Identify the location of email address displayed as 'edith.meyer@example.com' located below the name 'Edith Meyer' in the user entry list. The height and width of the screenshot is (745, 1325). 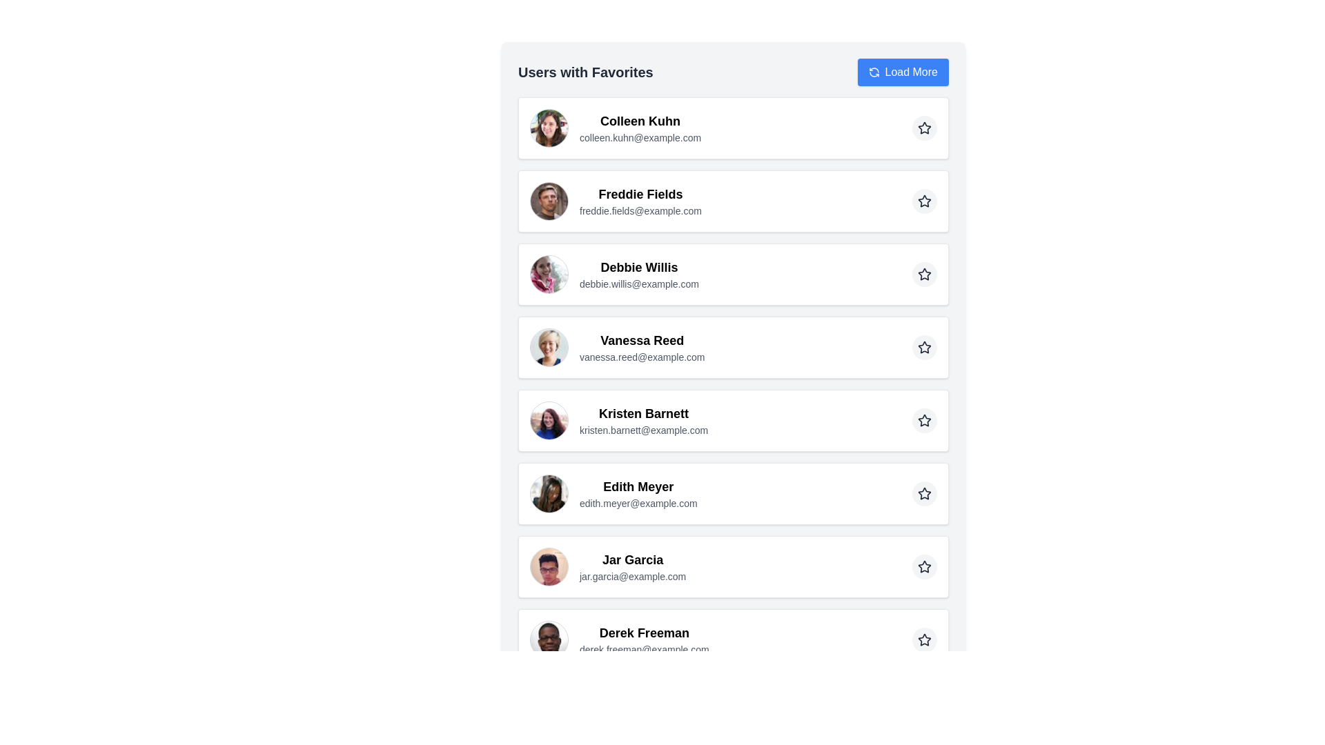
(638, 503).